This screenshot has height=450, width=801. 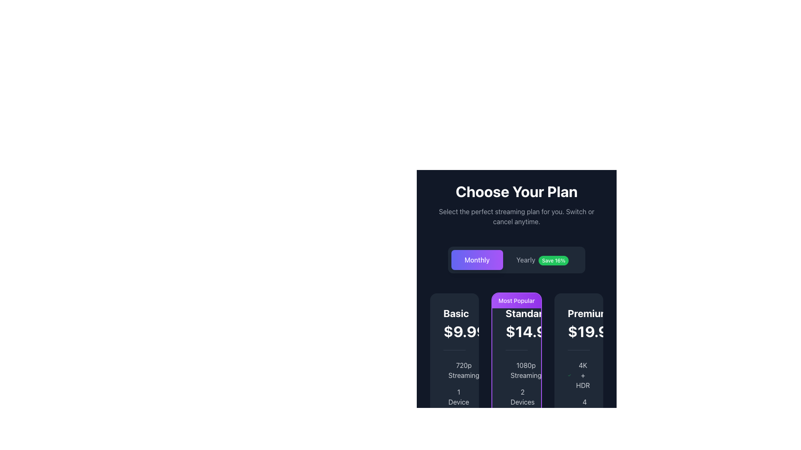 What do you see at coordinates (542, 260) in the screenshot?
I see `the yearly subscription toggle button which has a 'Save 16%' badge` at bounding box center [542, 260].